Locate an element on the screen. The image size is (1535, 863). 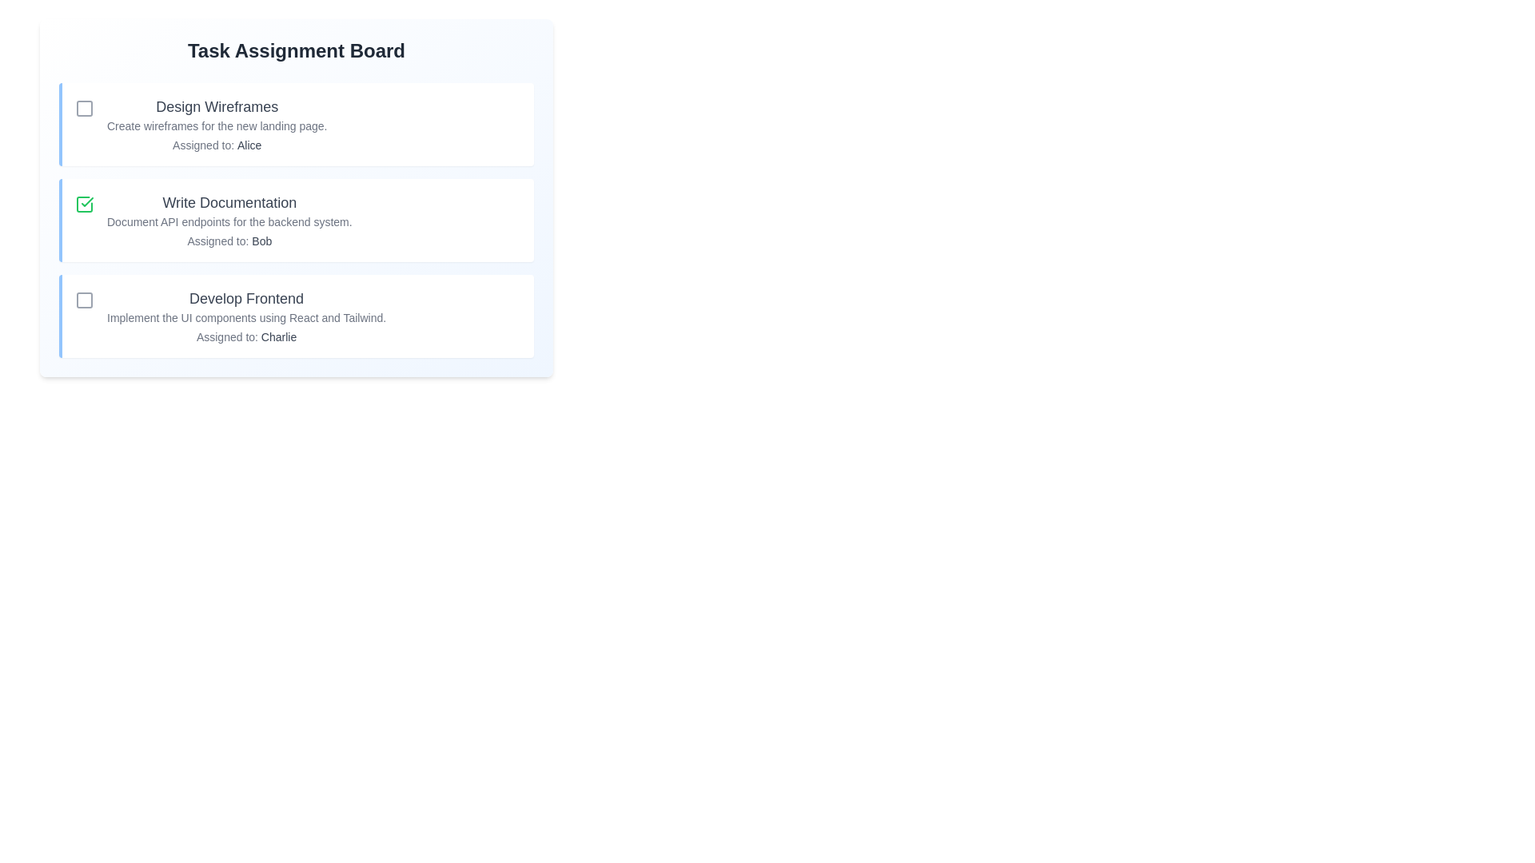
the text label displaying 'Assigned to: Alice', which is styled in smaller gray text and located below the task description in the task board is located at coordinates (216, 145).